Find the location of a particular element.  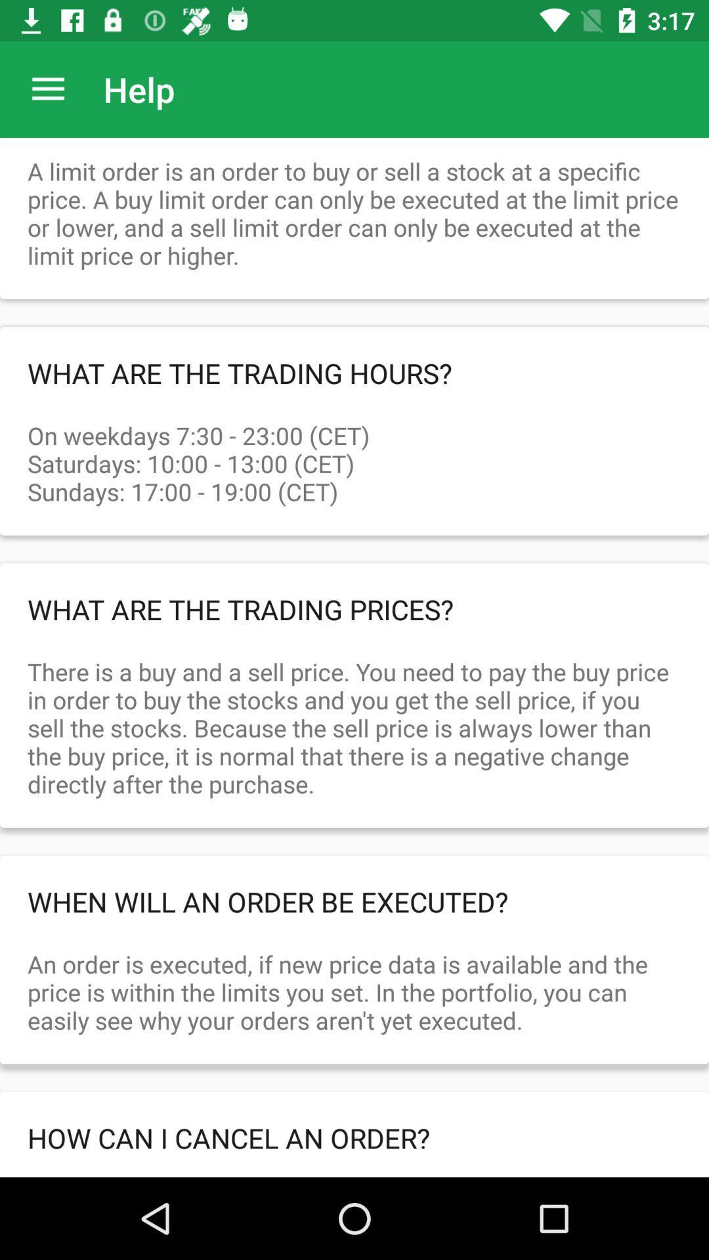

the item above a limit order item is located at coordinates (47, 89).